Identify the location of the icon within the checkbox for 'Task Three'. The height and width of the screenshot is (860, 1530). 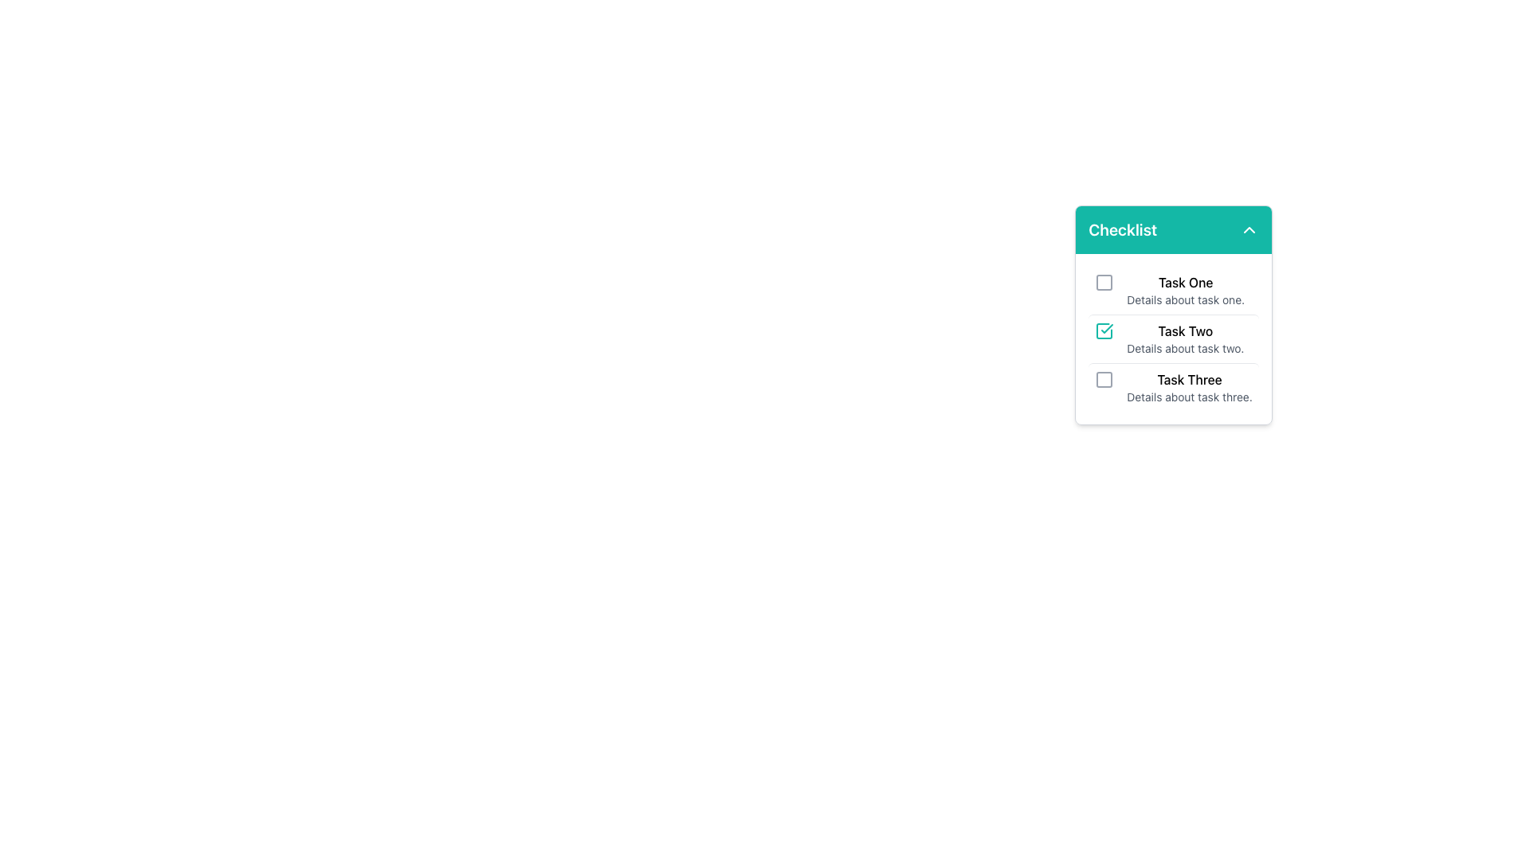
(1104, 380).